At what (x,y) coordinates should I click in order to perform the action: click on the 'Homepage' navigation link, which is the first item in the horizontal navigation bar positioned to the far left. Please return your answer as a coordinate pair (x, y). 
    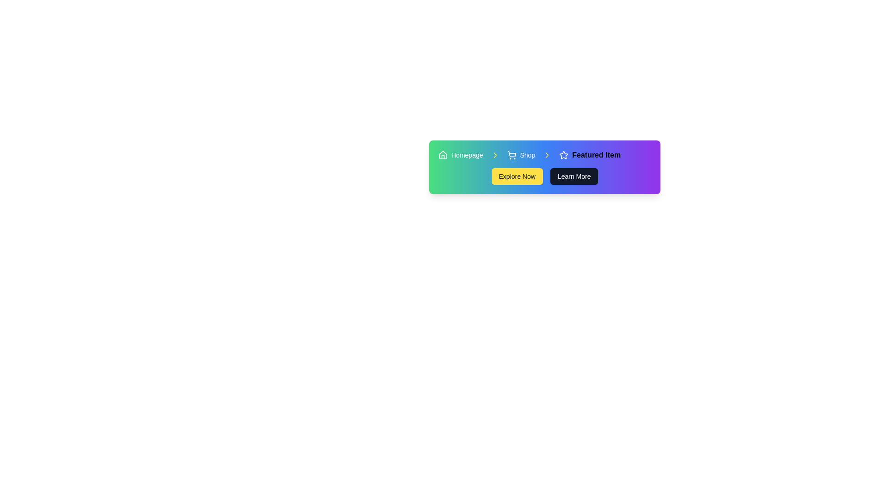
    Looking at the image, I should click on (461, 154).